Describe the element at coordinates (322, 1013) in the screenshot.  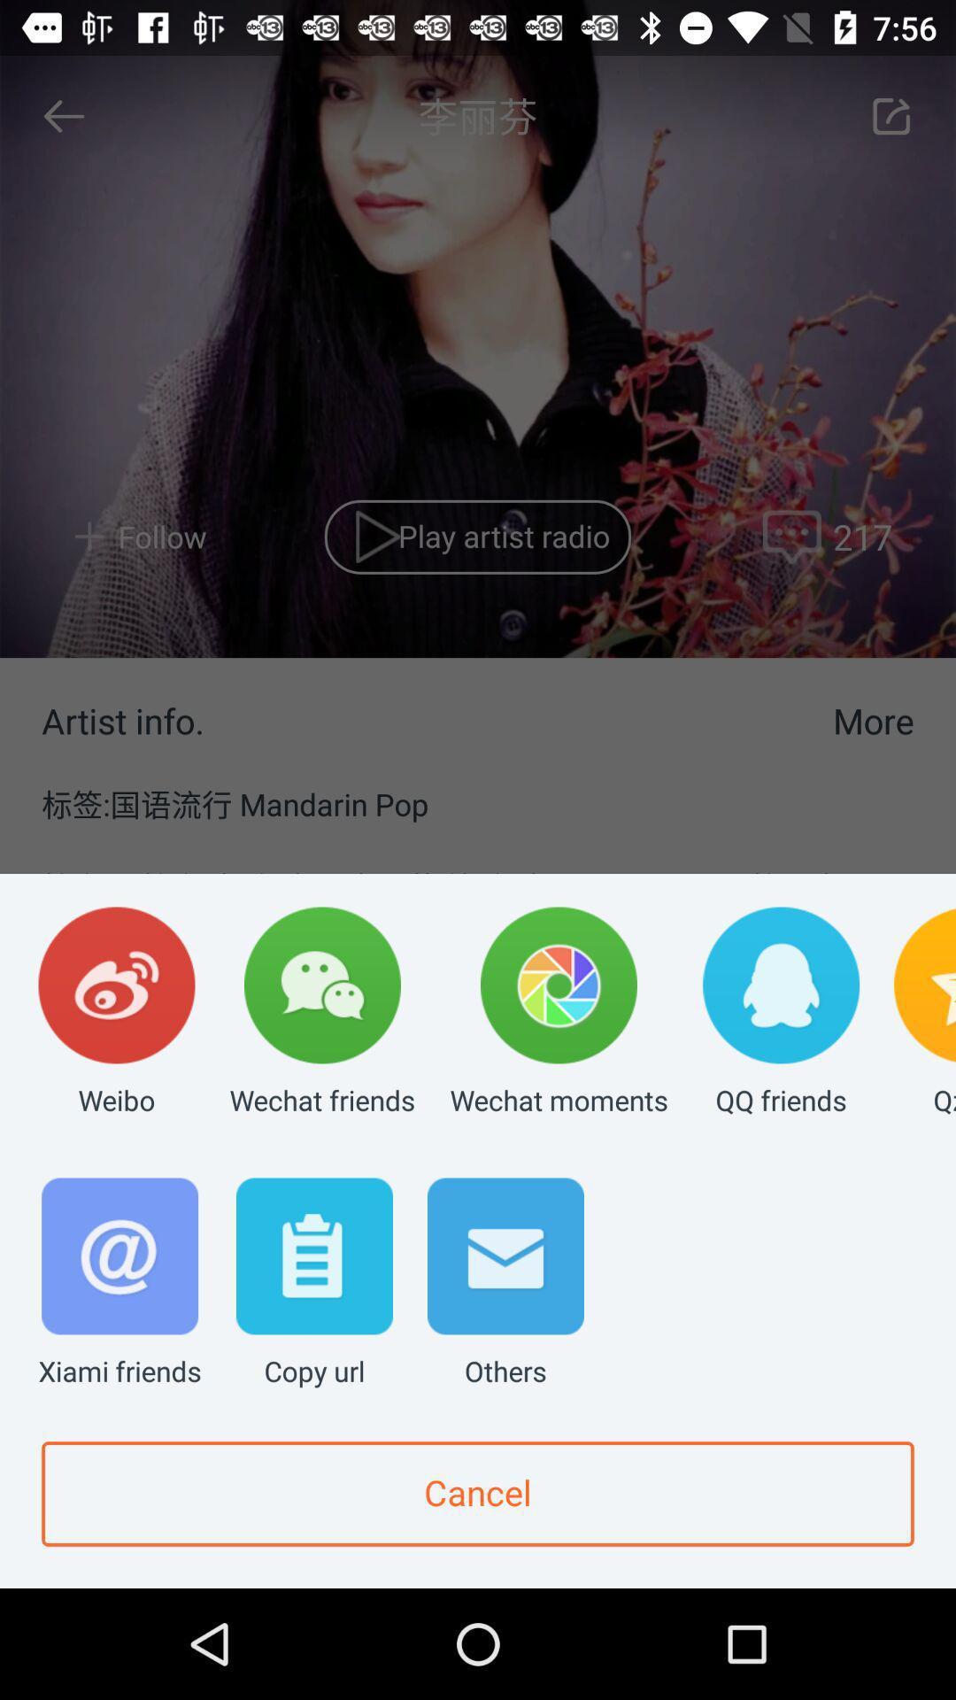
I see `the wechat friends item` at that location.